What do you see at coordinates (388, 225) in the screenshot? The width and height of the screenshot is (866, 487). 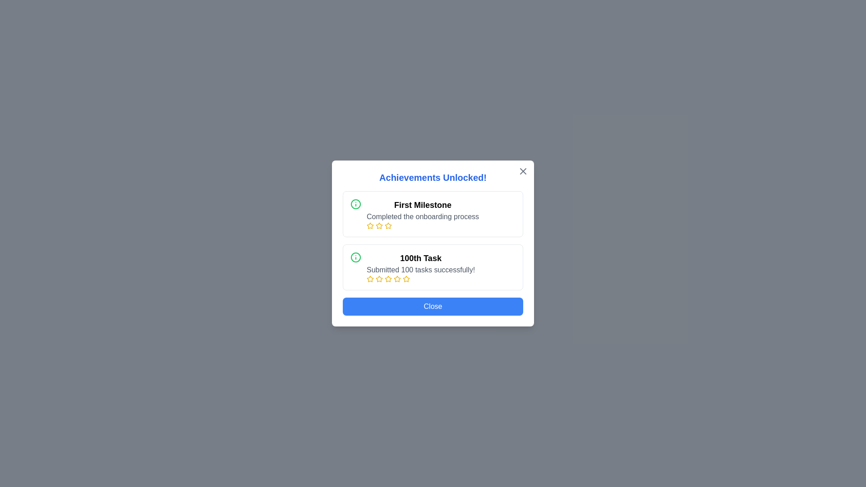 I see `the second star icon under the 'First Milestone' section to interact with the rating system` at bounding box center [388, 225].